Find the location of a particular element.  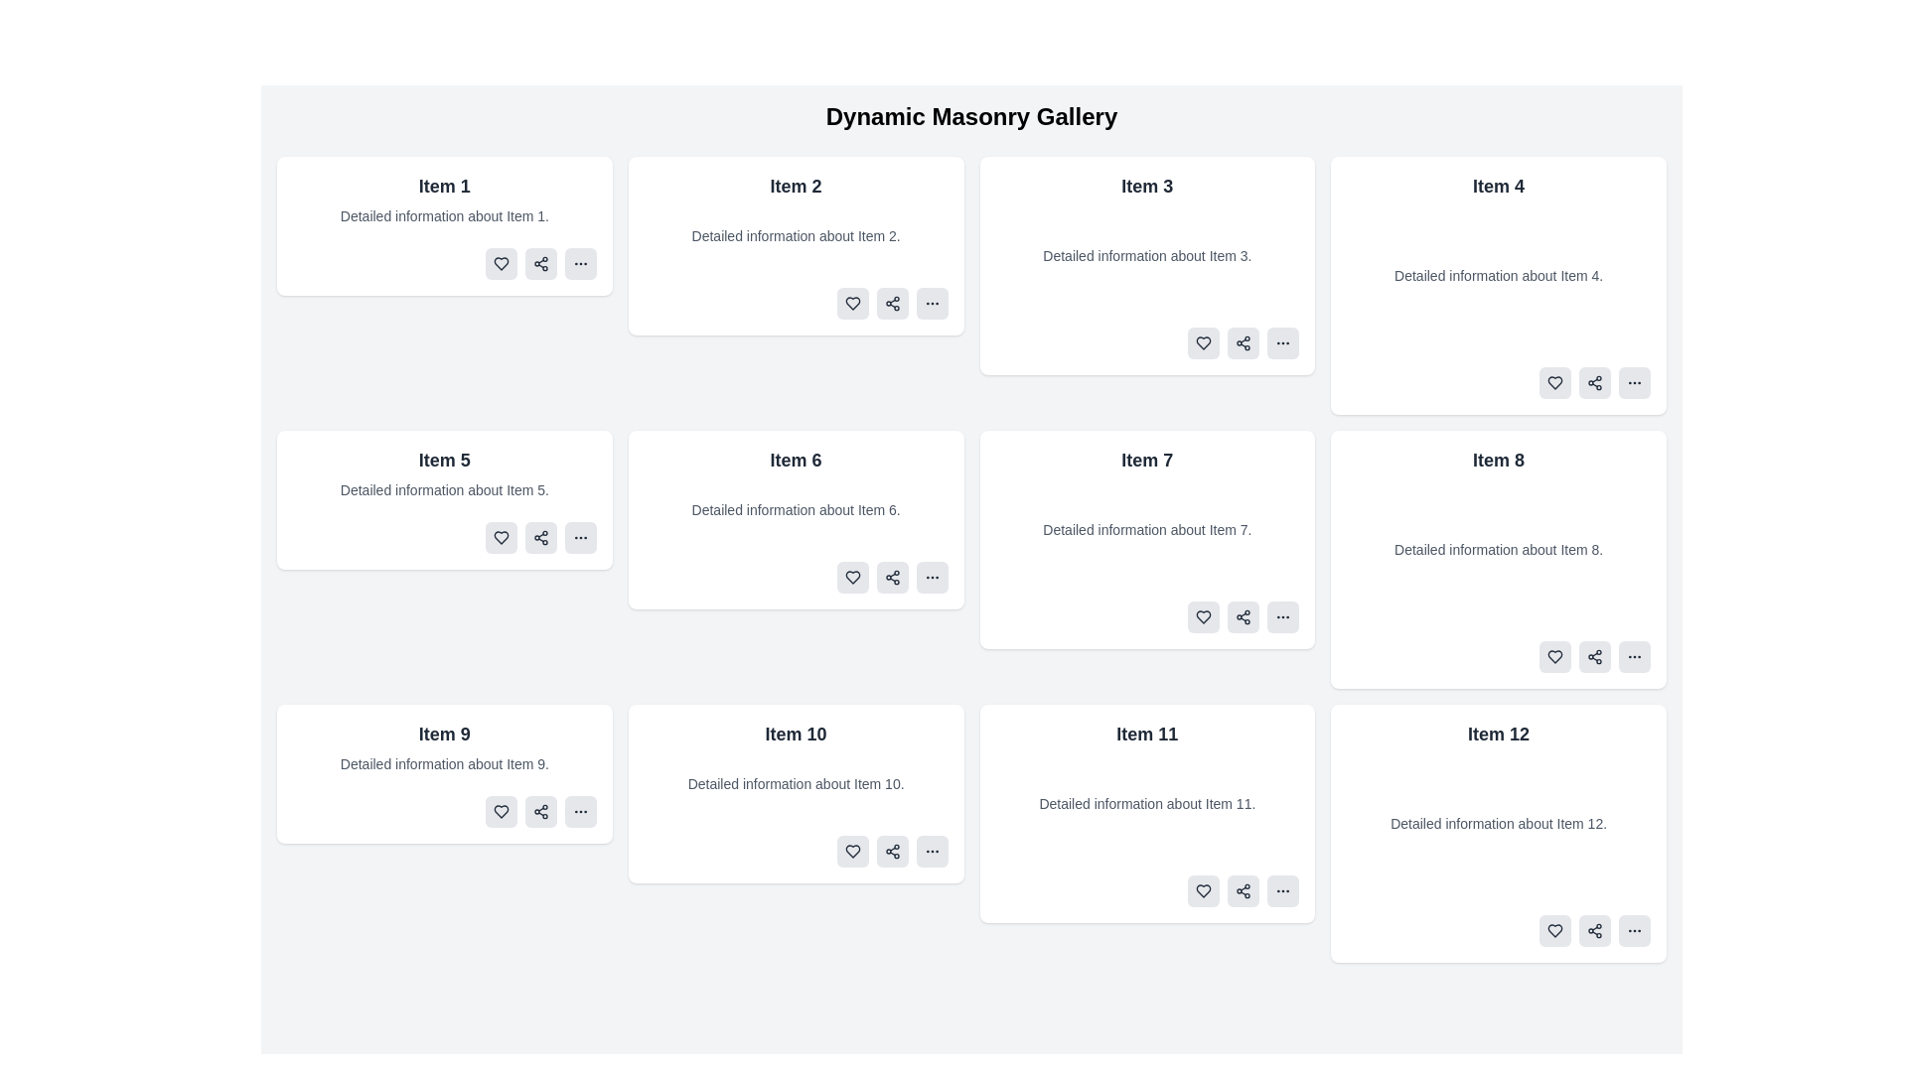

the heart icon located in the bottom-left corner of the 'Item 5' card to like or favorite the item is located at coordinates (501, 538).